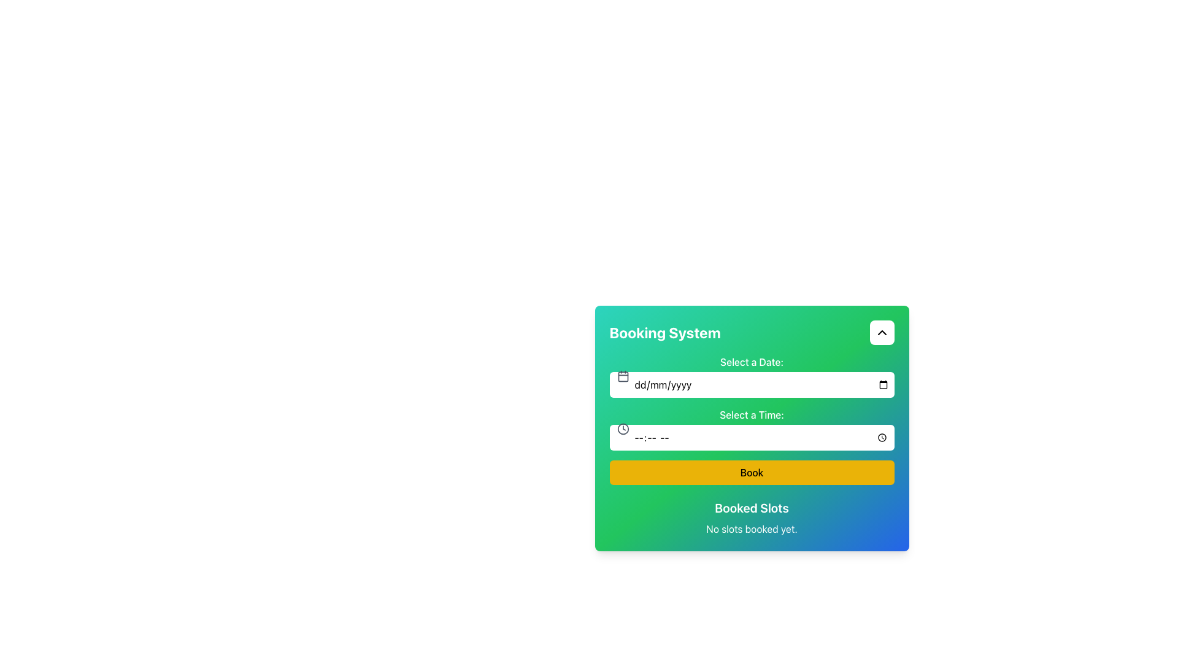 The width and height of the screenshot is (1178, 663). Describe the element at coordinates (751, 472) in the screenshot. I see `the 'Book' button with a yellow background and black text` at that location.